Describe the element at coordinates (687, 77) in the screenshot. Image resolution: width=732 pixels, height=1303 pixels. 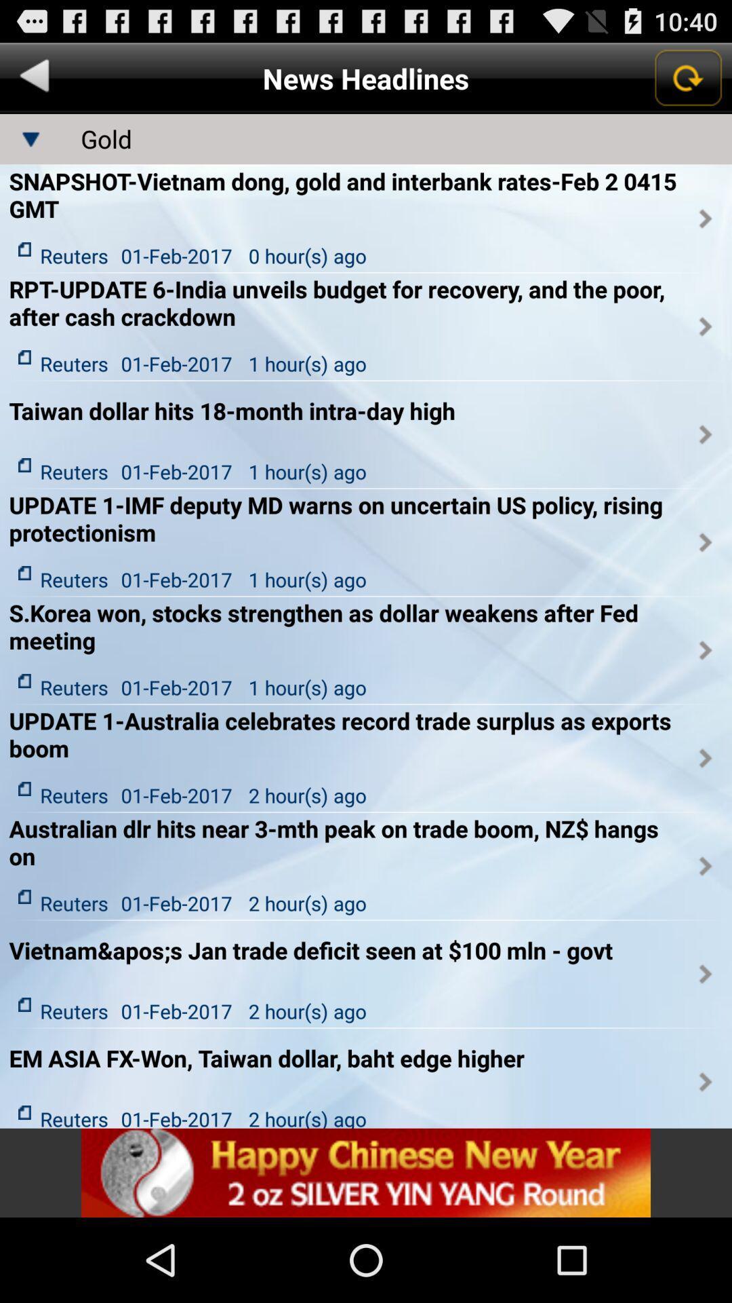
I see `press return icon` at that location.